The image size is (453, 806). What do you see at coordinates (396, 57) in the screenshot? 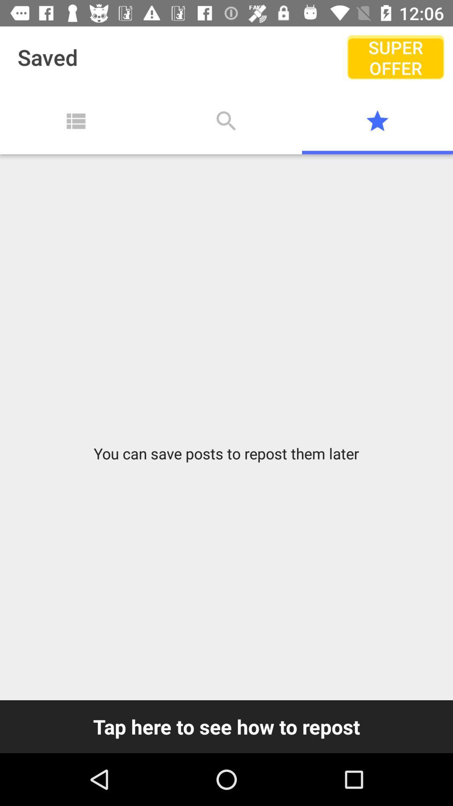
I see `icon next to saved` at bounding box center [396, 57].